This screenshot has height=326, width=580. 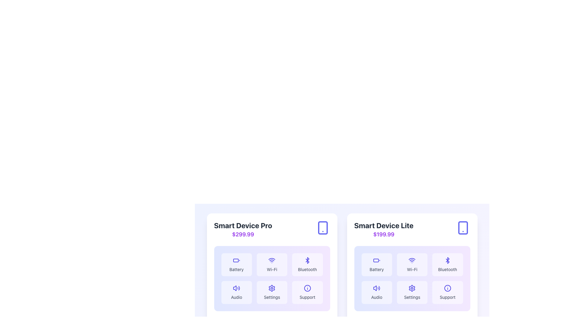 I want to click on the Bluetooth icon, so click(x=307, y=260).